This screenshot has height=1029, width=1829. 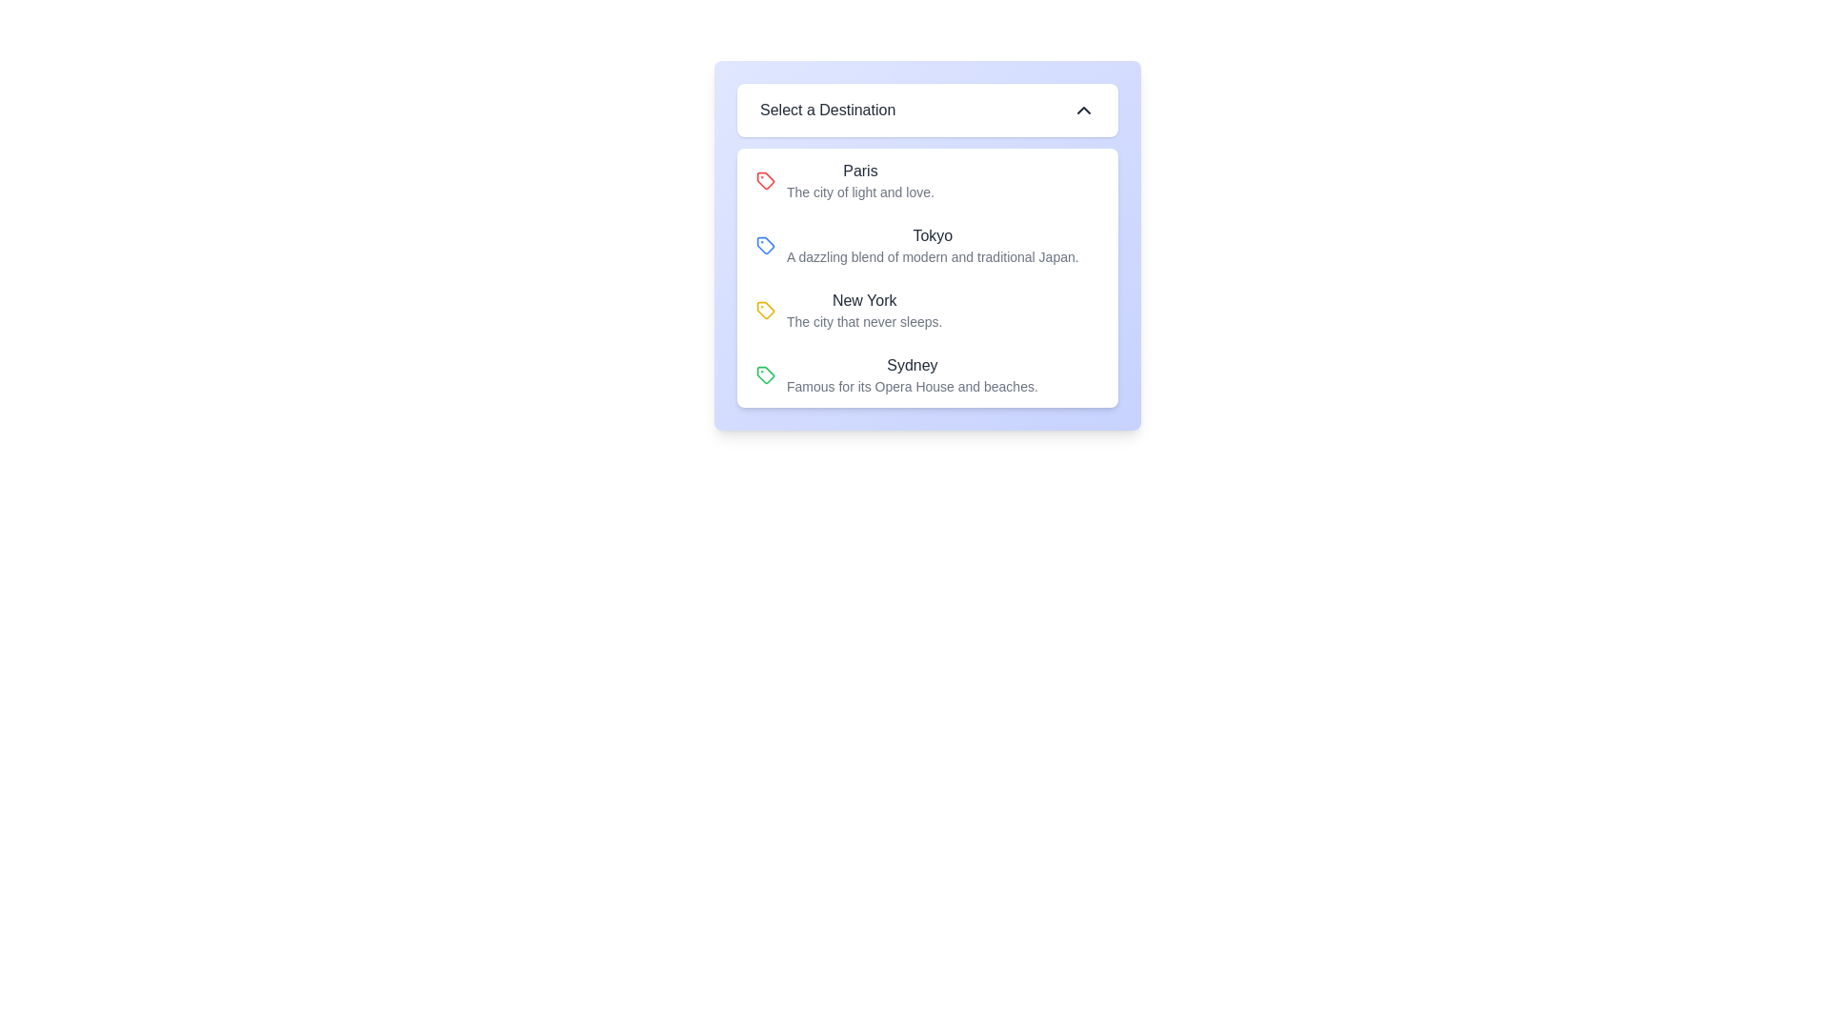 What do you see at coordinates (933, 257) in the screenshot?
I see `the text element reading 'A dazzling blend of modern and traditional Japan.' which is located under the 'Tokyo' label` at bounding box center [933, 257].